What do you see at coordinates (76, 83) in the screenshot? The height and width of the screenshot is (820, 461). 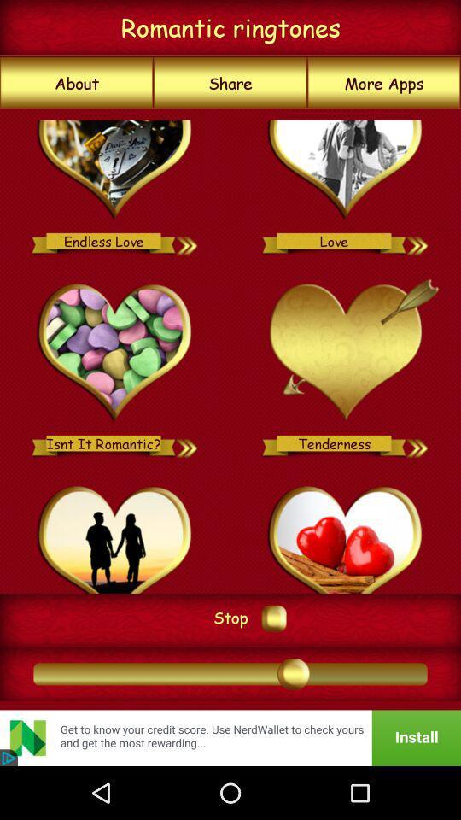 I see `the icon below romantic ringtones icon` at bounding box center [76, 83].